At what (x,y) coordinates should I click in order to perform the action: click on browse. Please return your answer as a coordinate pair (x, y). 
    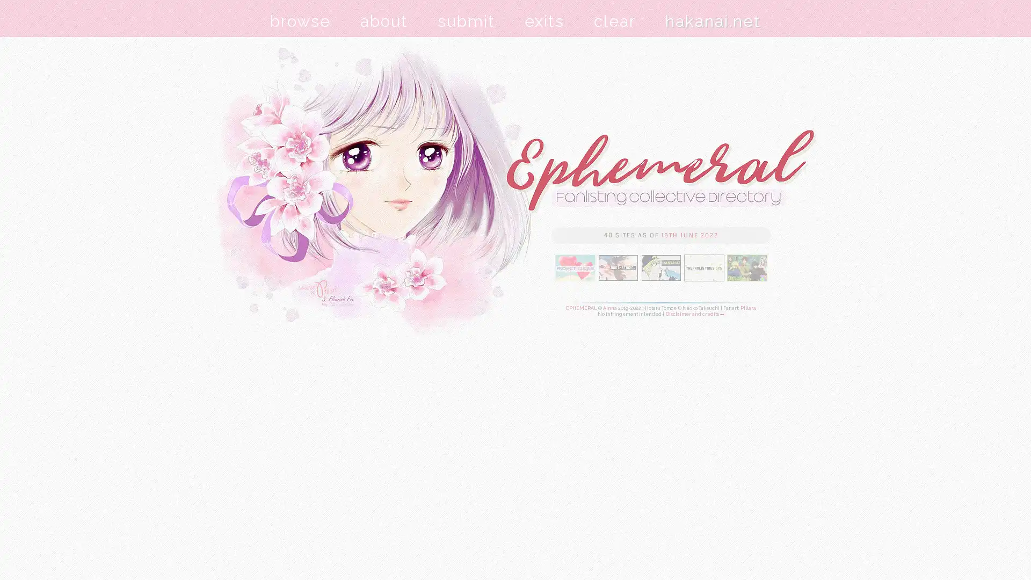
    Looking at the image, I should click on (300, 21).